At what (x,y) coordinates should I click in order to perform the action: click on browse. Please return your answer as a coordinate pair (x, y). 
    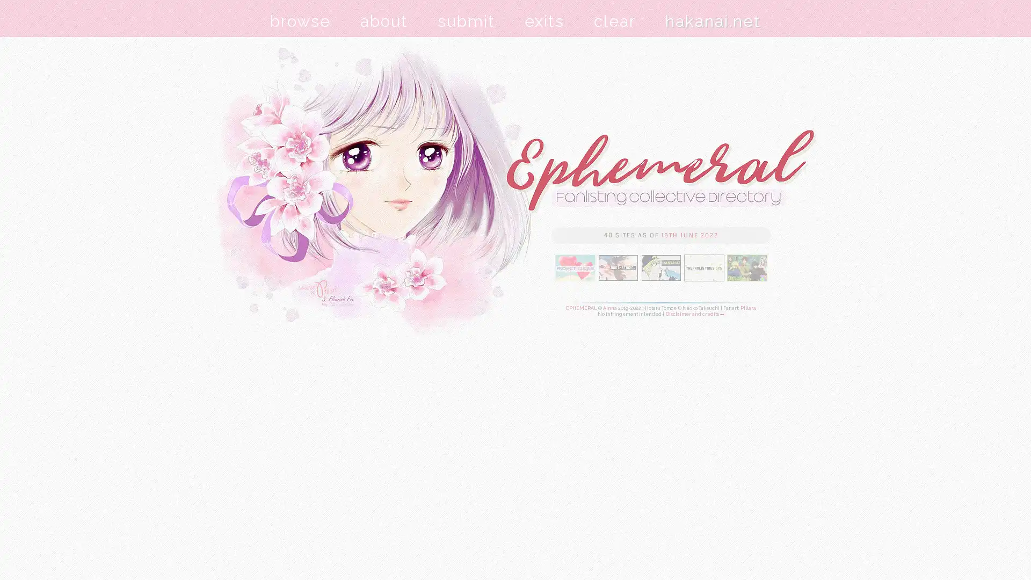
    Looking at the image, I should click on (300, 21).